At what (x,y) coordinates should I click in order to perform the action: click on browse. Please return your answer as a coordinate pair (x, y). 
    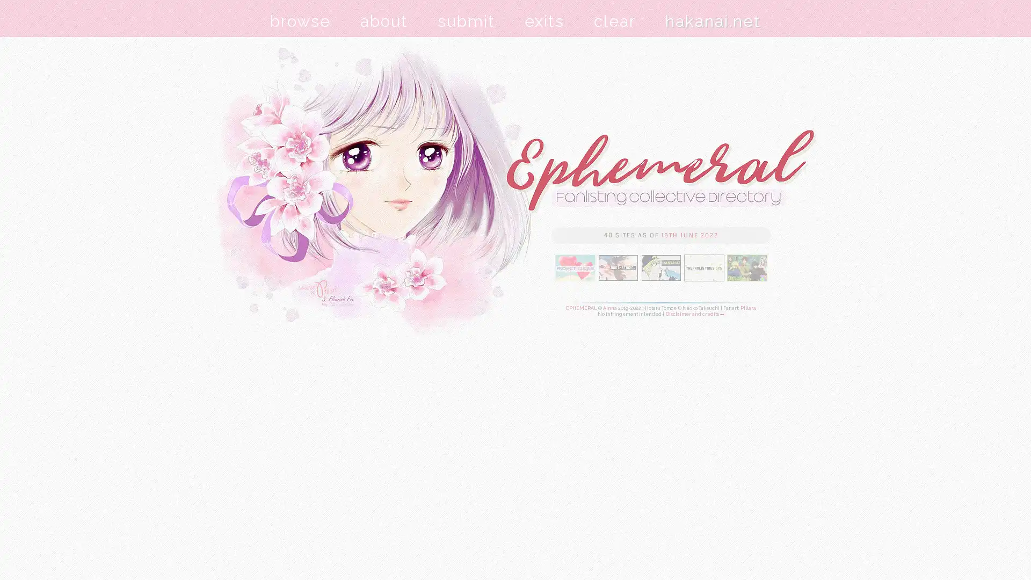
    Looking at the image, I should click on (300, 21).